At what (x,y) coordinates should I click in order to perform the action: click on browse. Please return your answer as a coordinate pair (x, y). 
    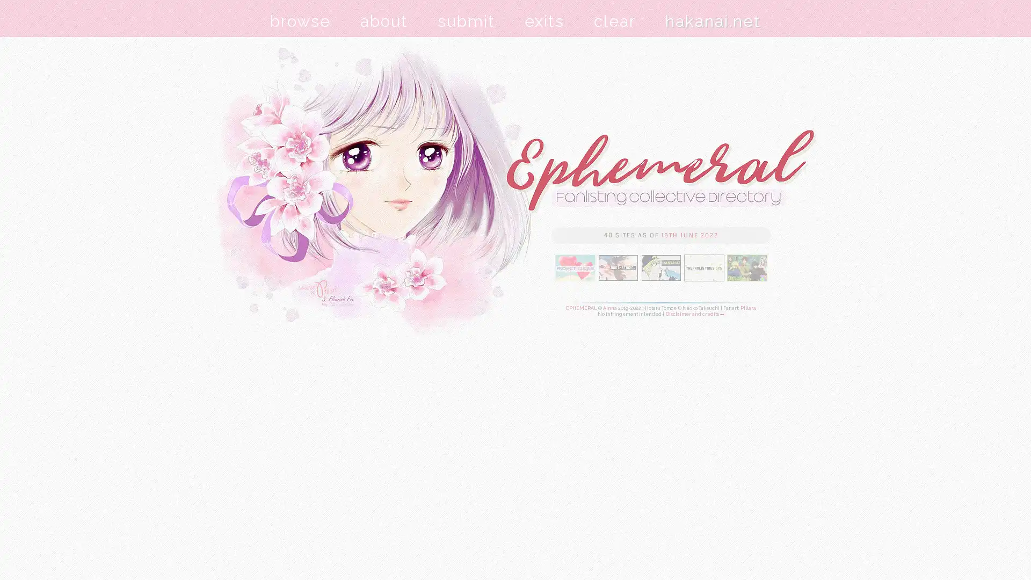
    Looking at the image, I should click on (300, 21).